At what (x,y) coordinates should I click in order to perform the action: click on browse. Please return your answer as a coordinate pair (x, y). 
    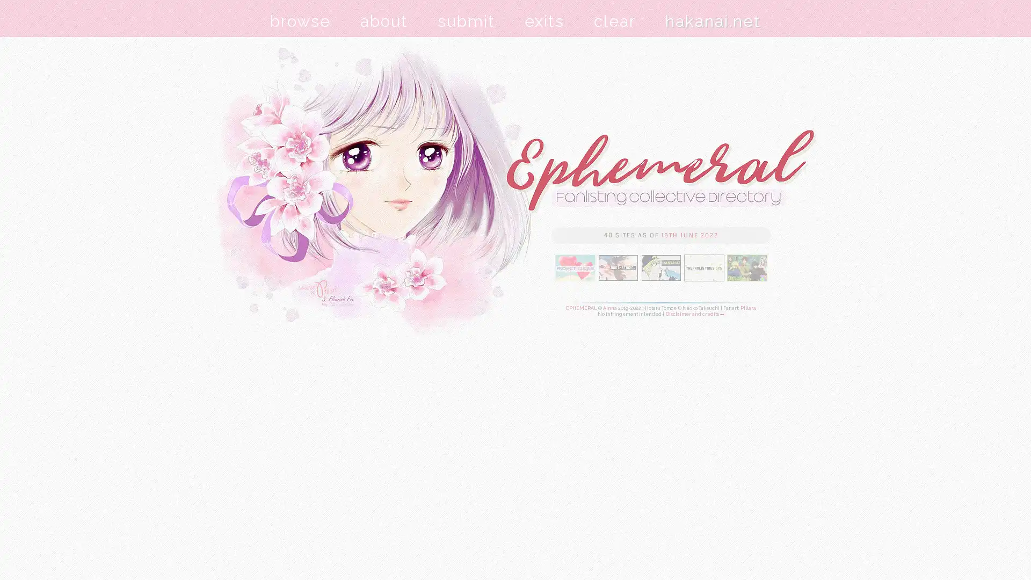
    Looking at the image, I should click on (300, 21).